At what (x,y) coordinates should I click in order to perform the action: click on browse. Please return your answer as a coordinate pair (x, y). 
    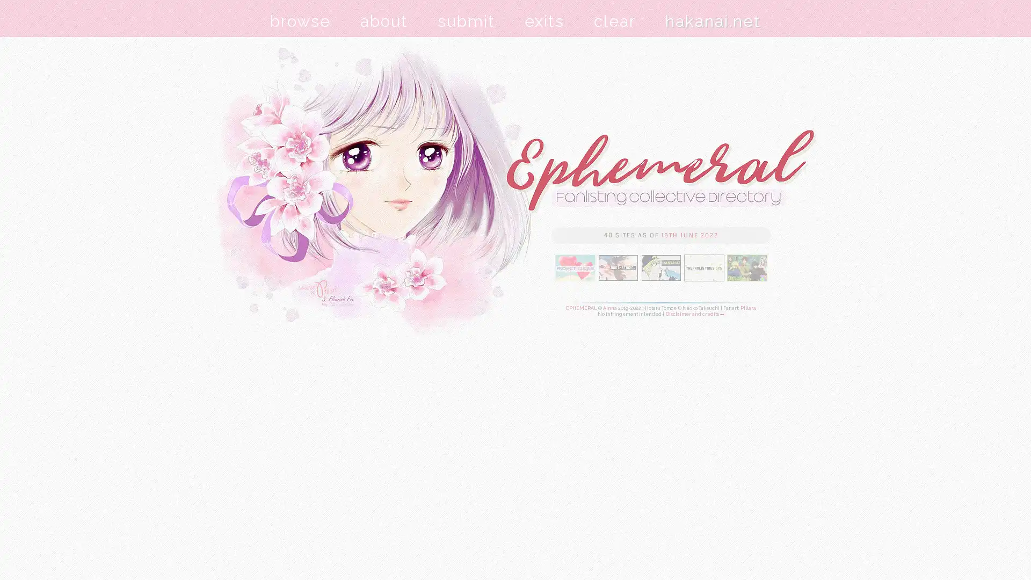
    Looking at the image, I should click on (300, 21).